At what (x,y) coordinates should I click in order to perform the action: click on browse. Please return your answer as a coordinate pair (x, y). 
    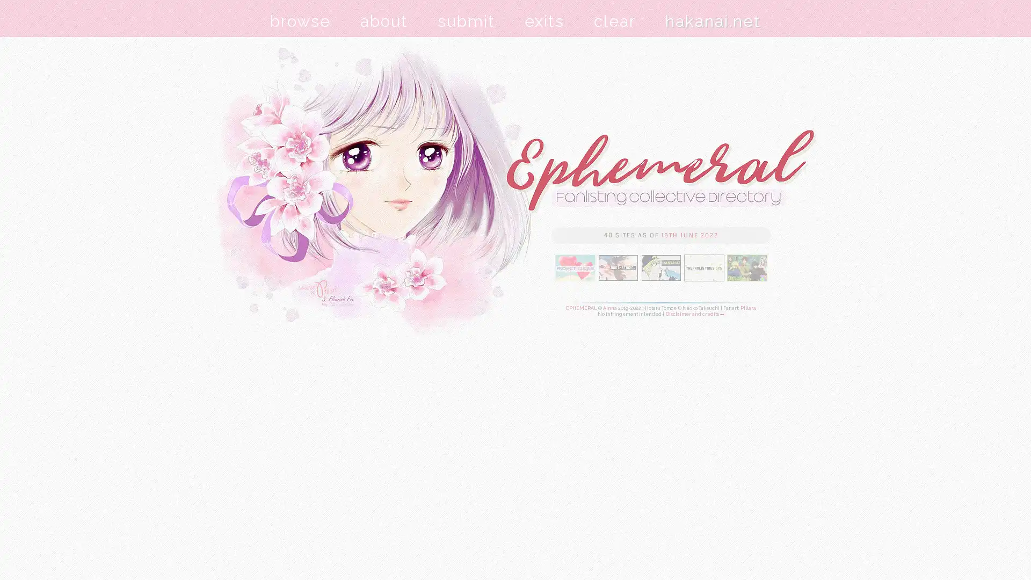
    Looking at the image, I should click on (300, 21).